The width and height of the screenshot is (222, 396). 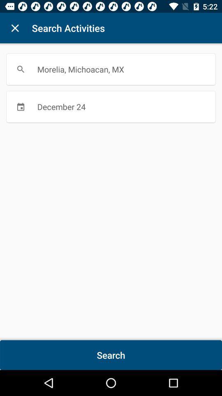 I want to click on december 24, so click(x=111, y=106).